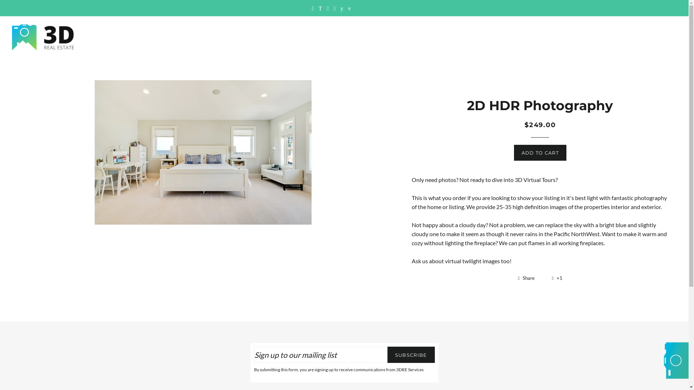 This screenshot has width=694, height=390. Describe the element at coordinates (349, 8) in the screenshot. I see `'3DRE Services on Vimeo'` at that location.